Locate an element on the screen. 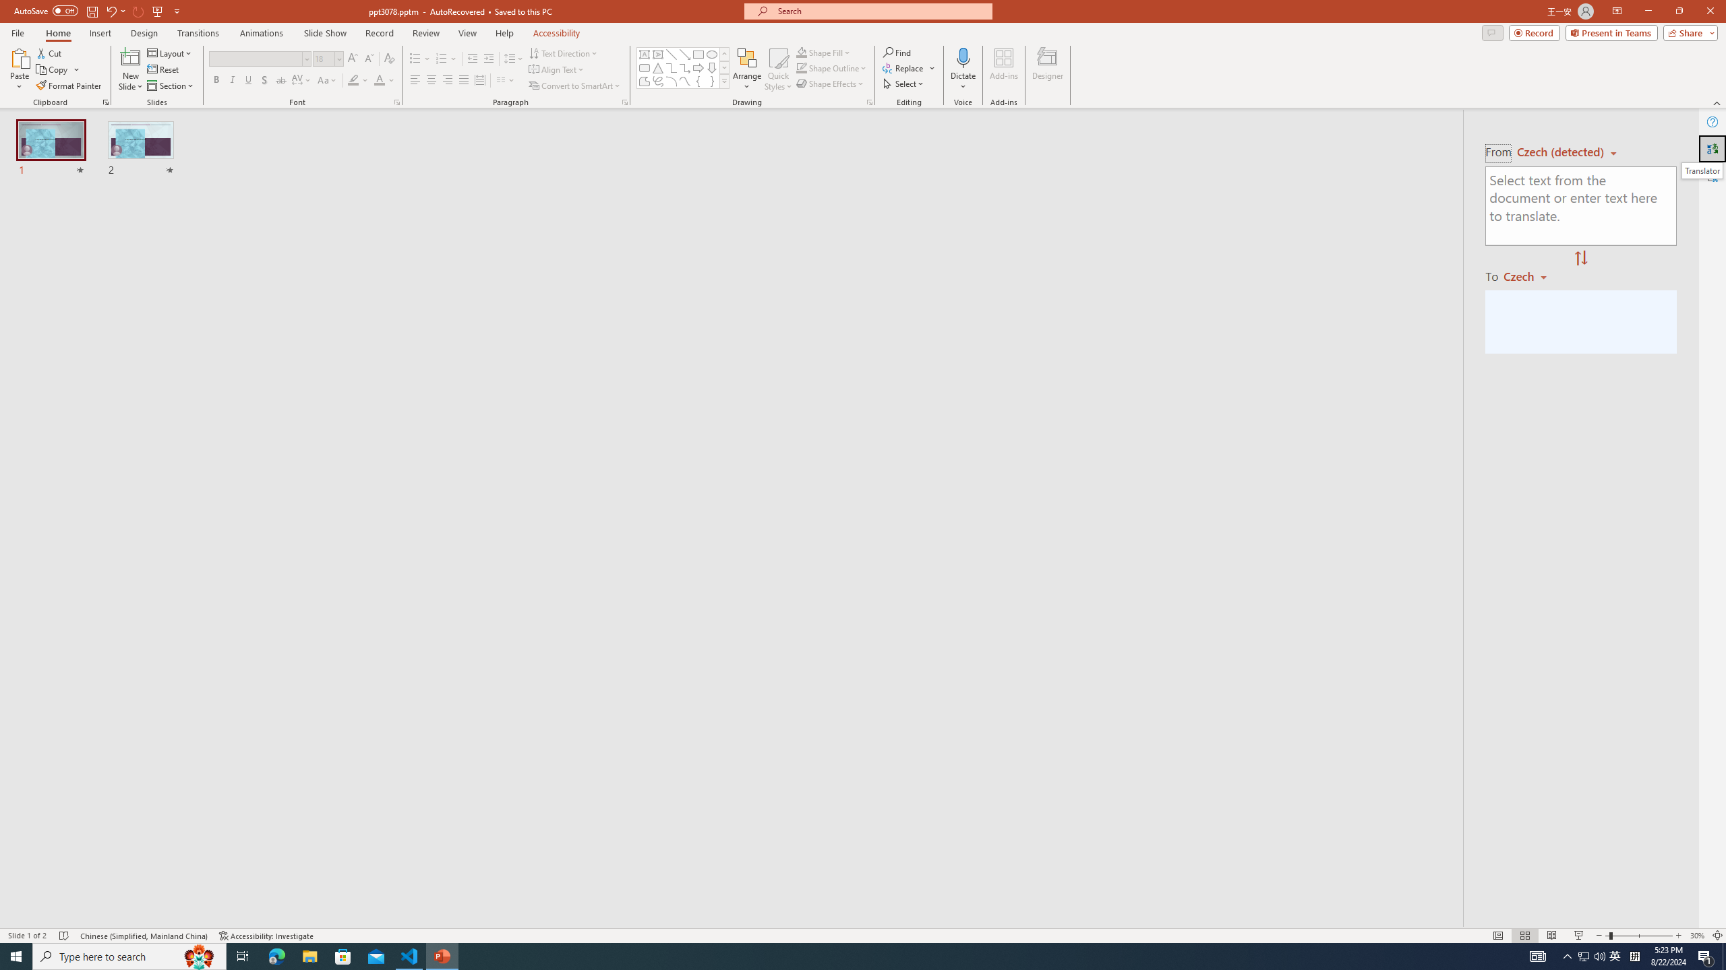  'Align Right' is located at coordinates (448, 79).